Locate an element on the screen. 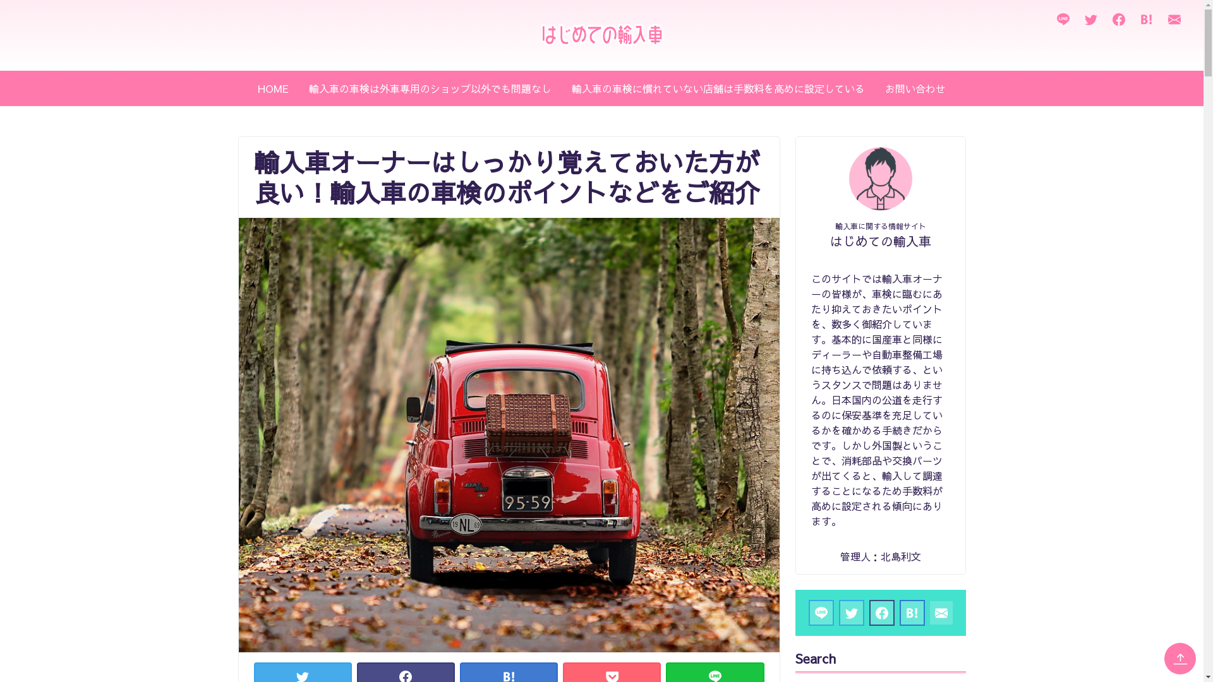 This screenshot has height=682, width=1213. 'HOME' is located at coordinates (272, 87).